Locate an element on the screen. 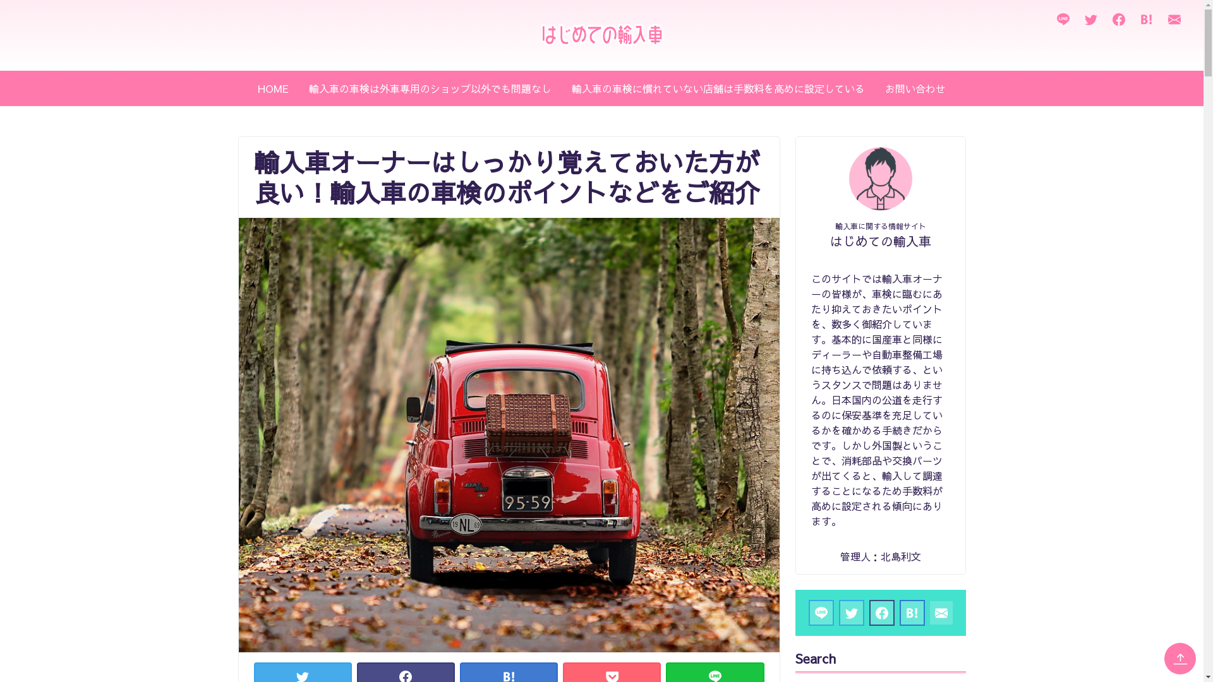 This screenshot has height=682, width=1213. 'HOME' is located at coordinates (272, 87).